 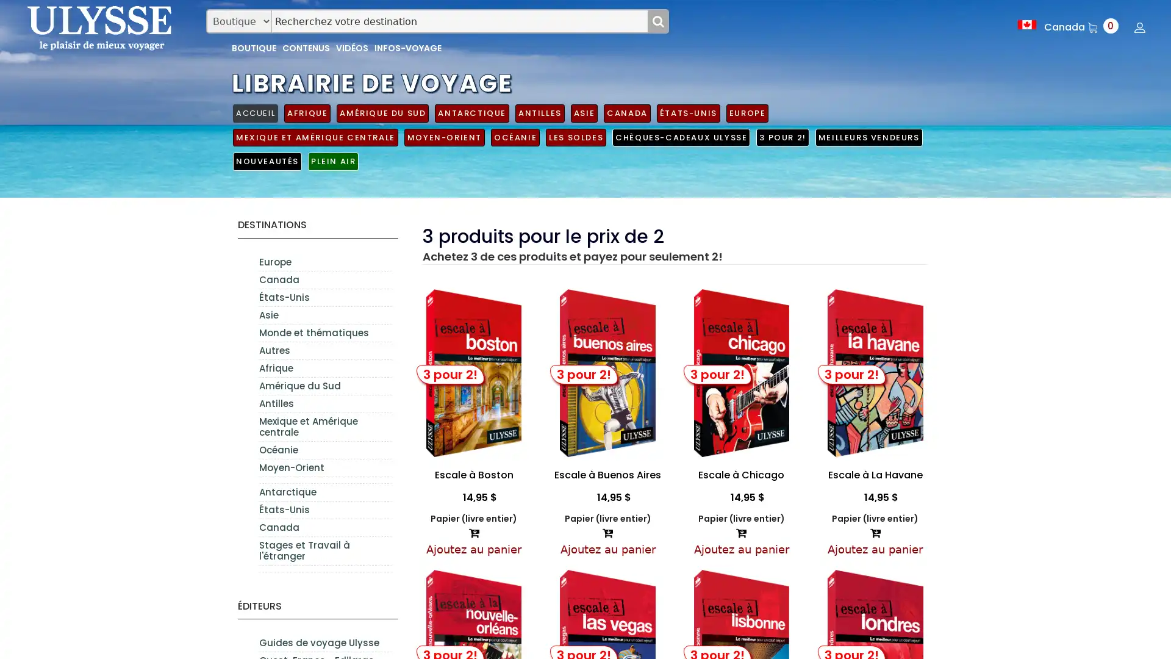 What do you see at coordinates (254, 113) in the screenshot?
I see `ACCUEIL` at bounding box center [254, 113].